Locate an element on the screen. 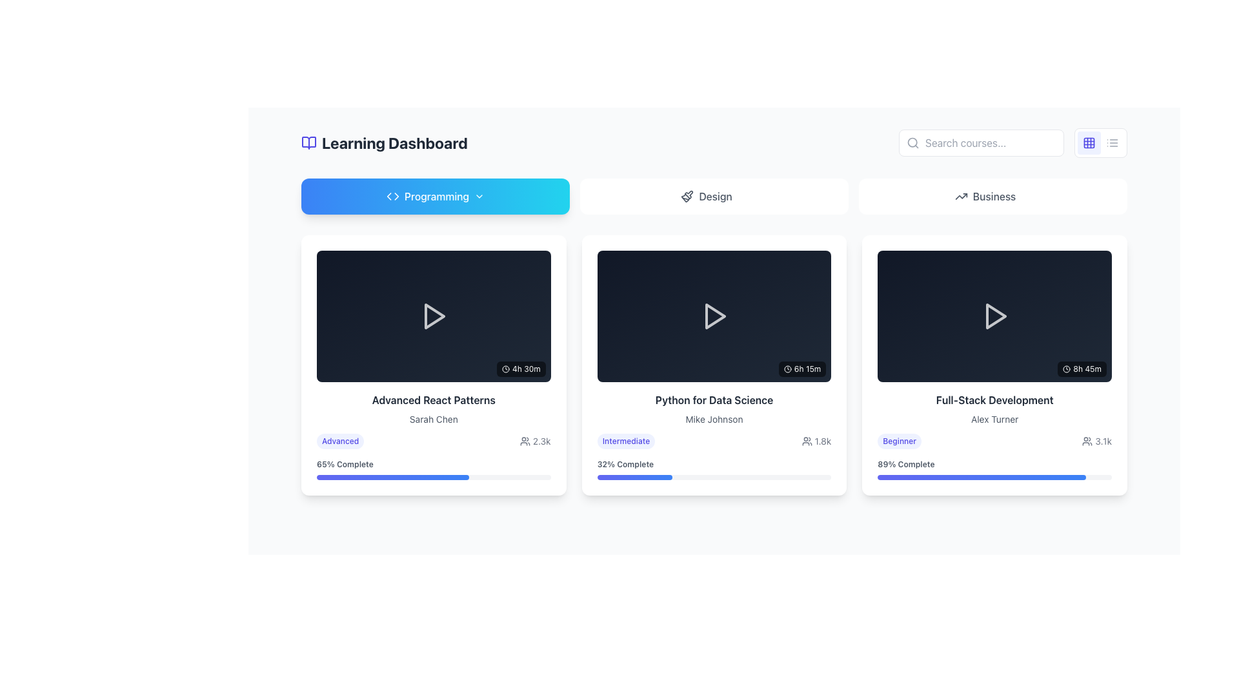 The height and width of the screenshot is (696, 1239). the non-interactive visual indicator showing the total duration of the course 'Advanced React Patterns', located in the bottom-right corner of the corresponding card is located at coordinates (521, 369).